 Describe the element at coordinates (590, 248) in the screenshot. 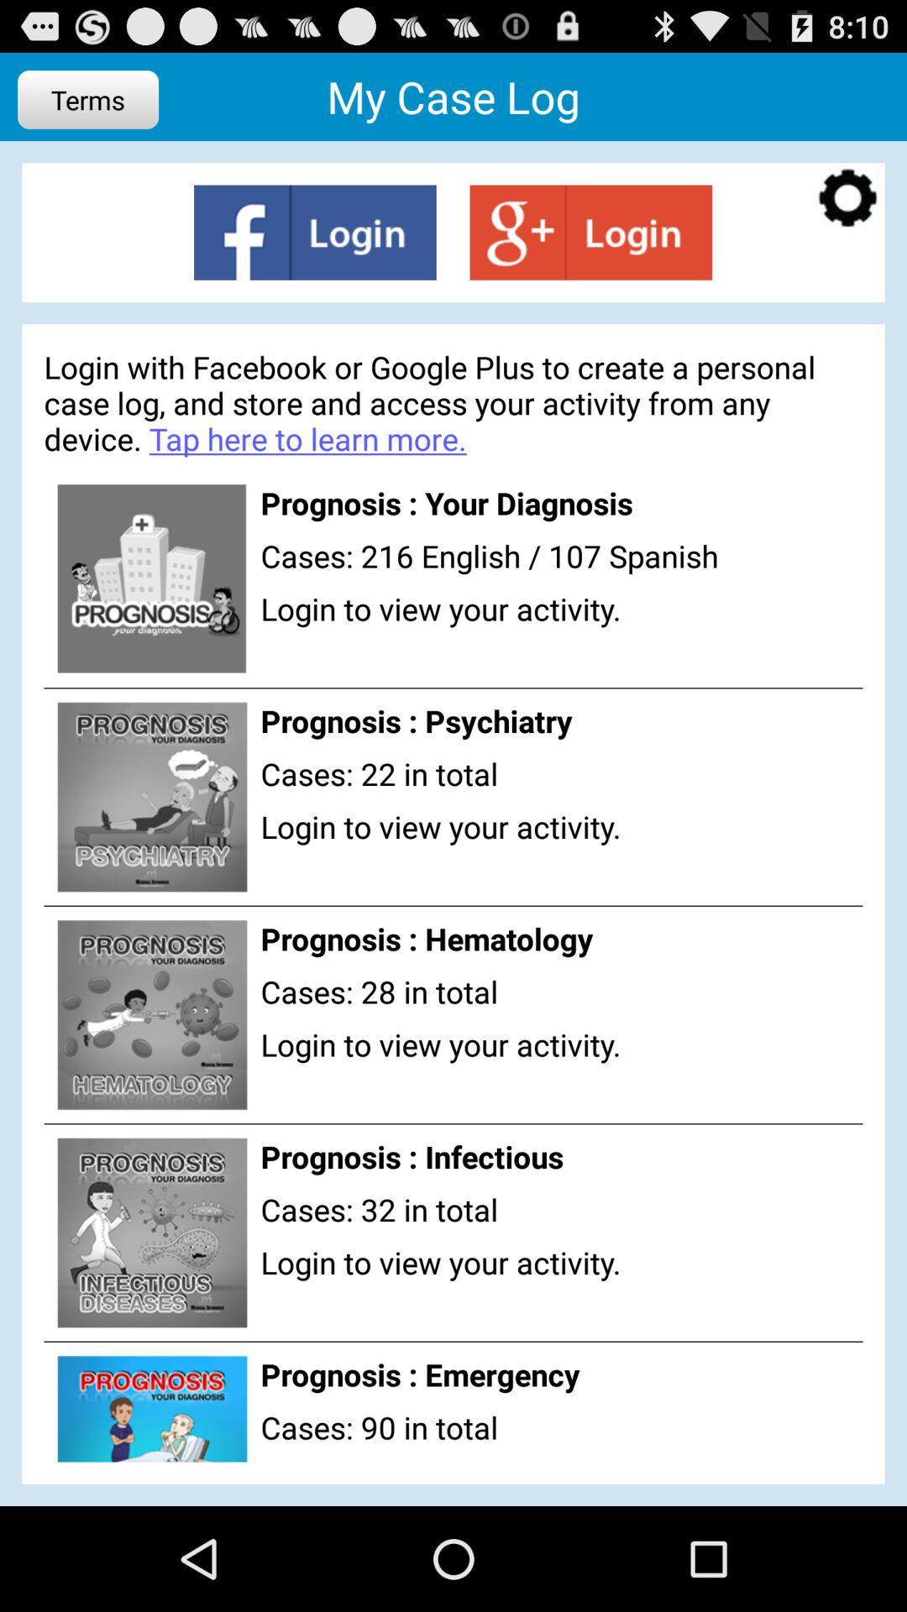

I see `the sliders icon` at that location.